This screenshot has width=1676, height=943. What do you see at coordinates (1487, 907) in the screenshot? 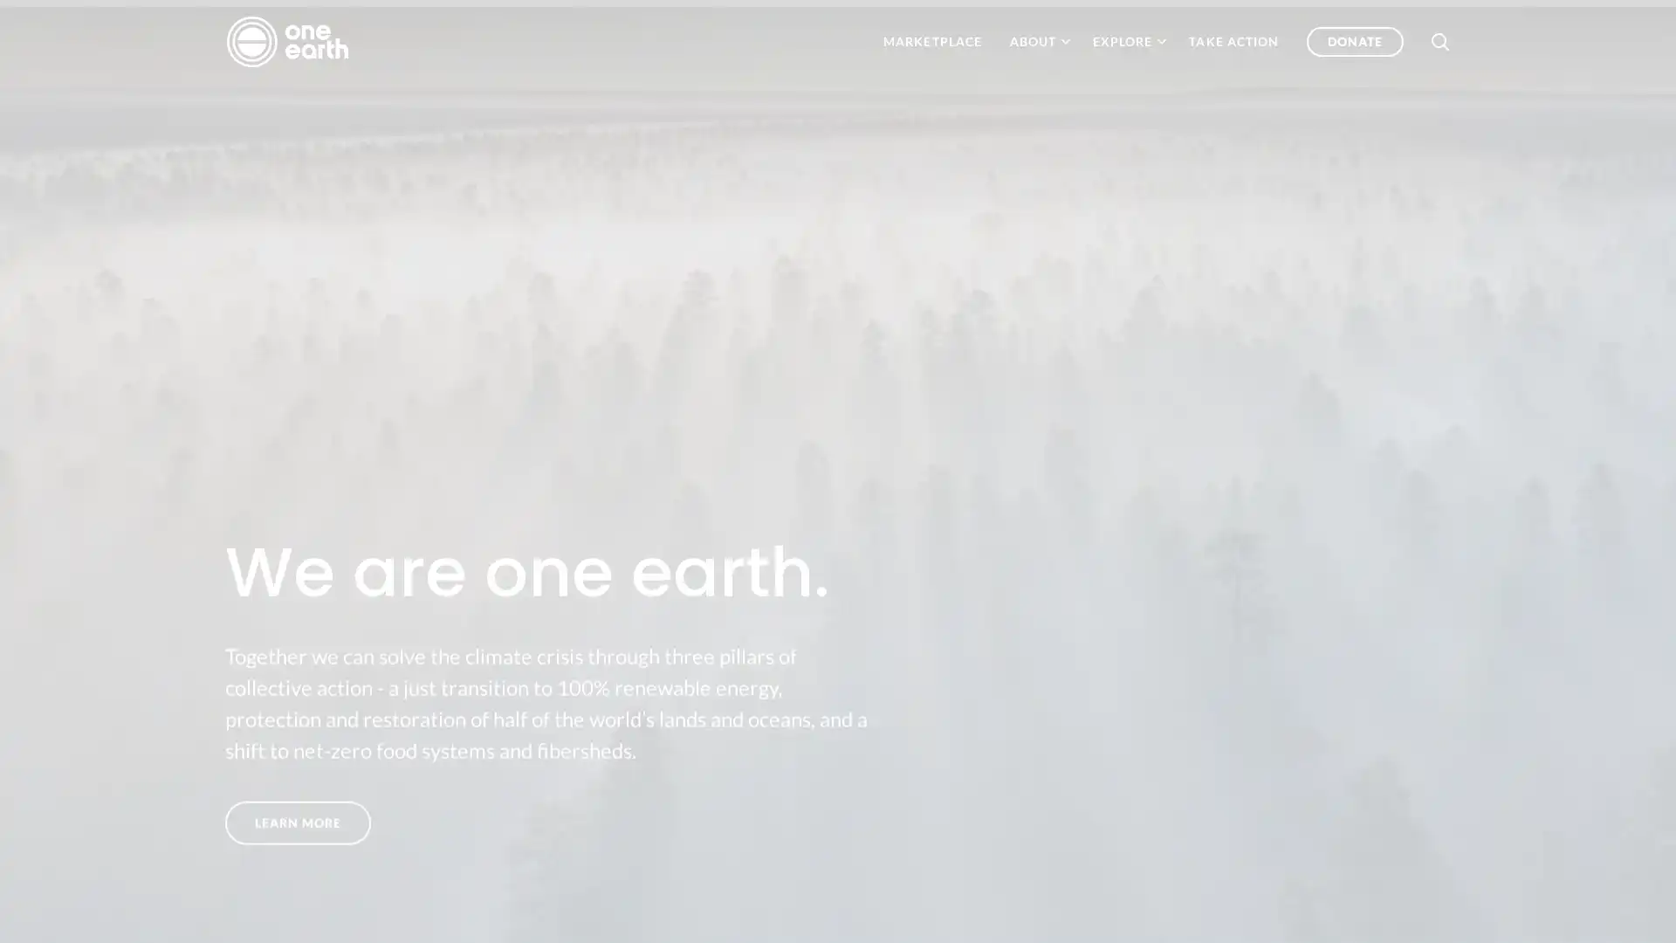
I see `Reject All` at bounding box center [1487, 907].